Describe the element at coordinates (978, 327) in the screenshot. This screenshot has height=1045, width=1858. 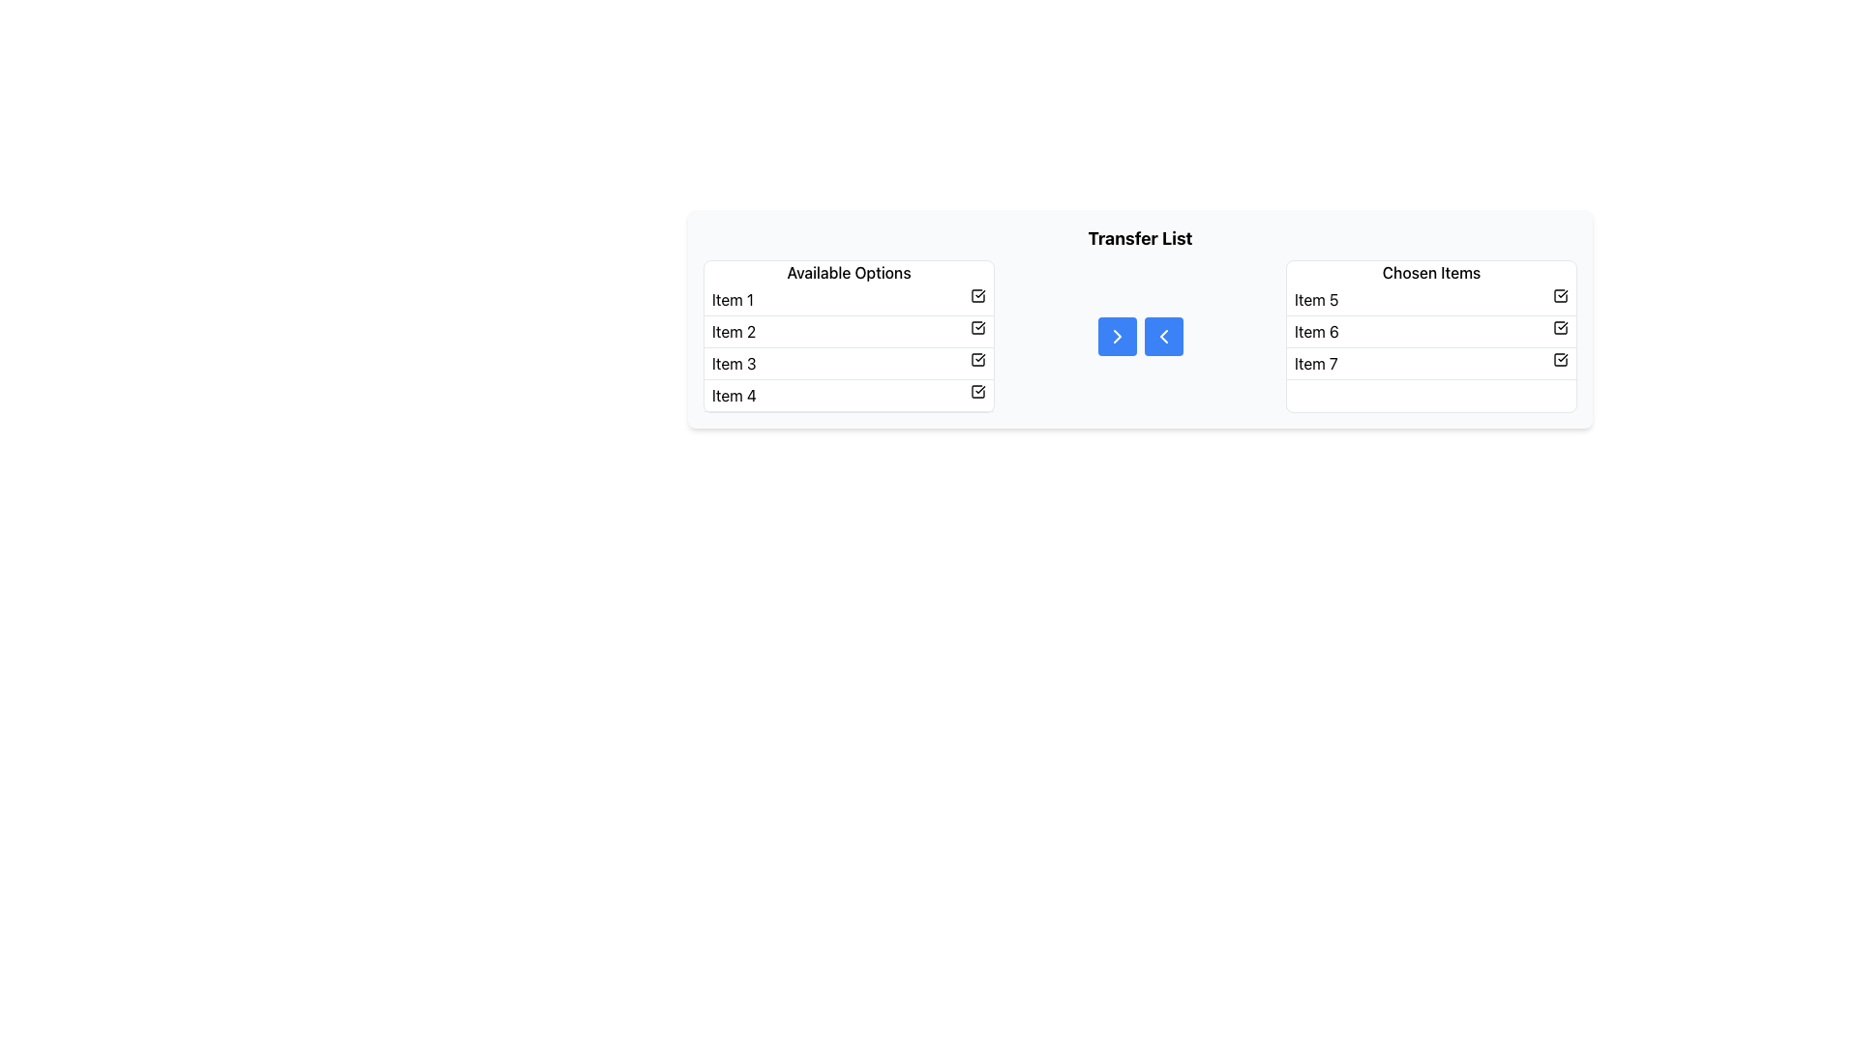
I see `the checkbox with a checkmark inside, associated with the text 'Item 2'` at that location.